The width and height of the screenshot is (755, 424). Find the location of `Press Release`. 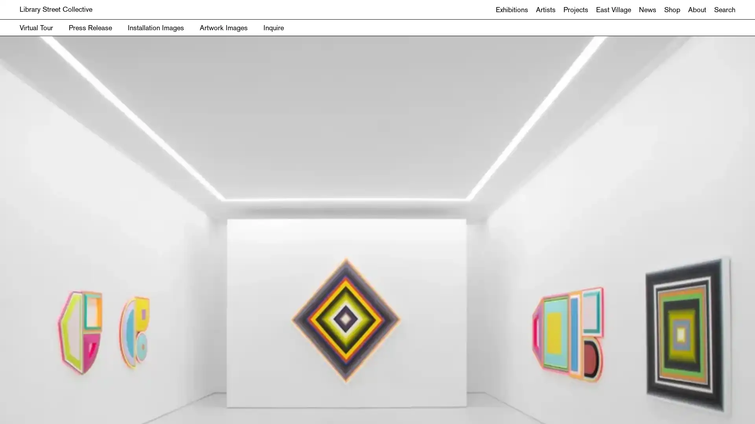

Press Release is located at coordinates (90, 27).